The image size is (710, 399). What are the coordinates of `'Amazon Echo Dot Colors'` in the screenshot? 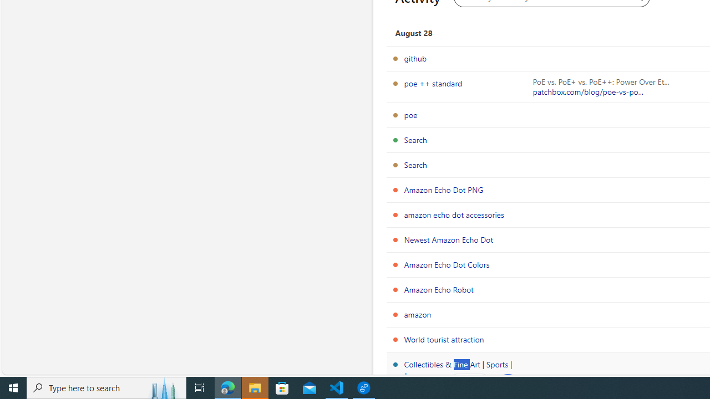 It's located at (447, 264).